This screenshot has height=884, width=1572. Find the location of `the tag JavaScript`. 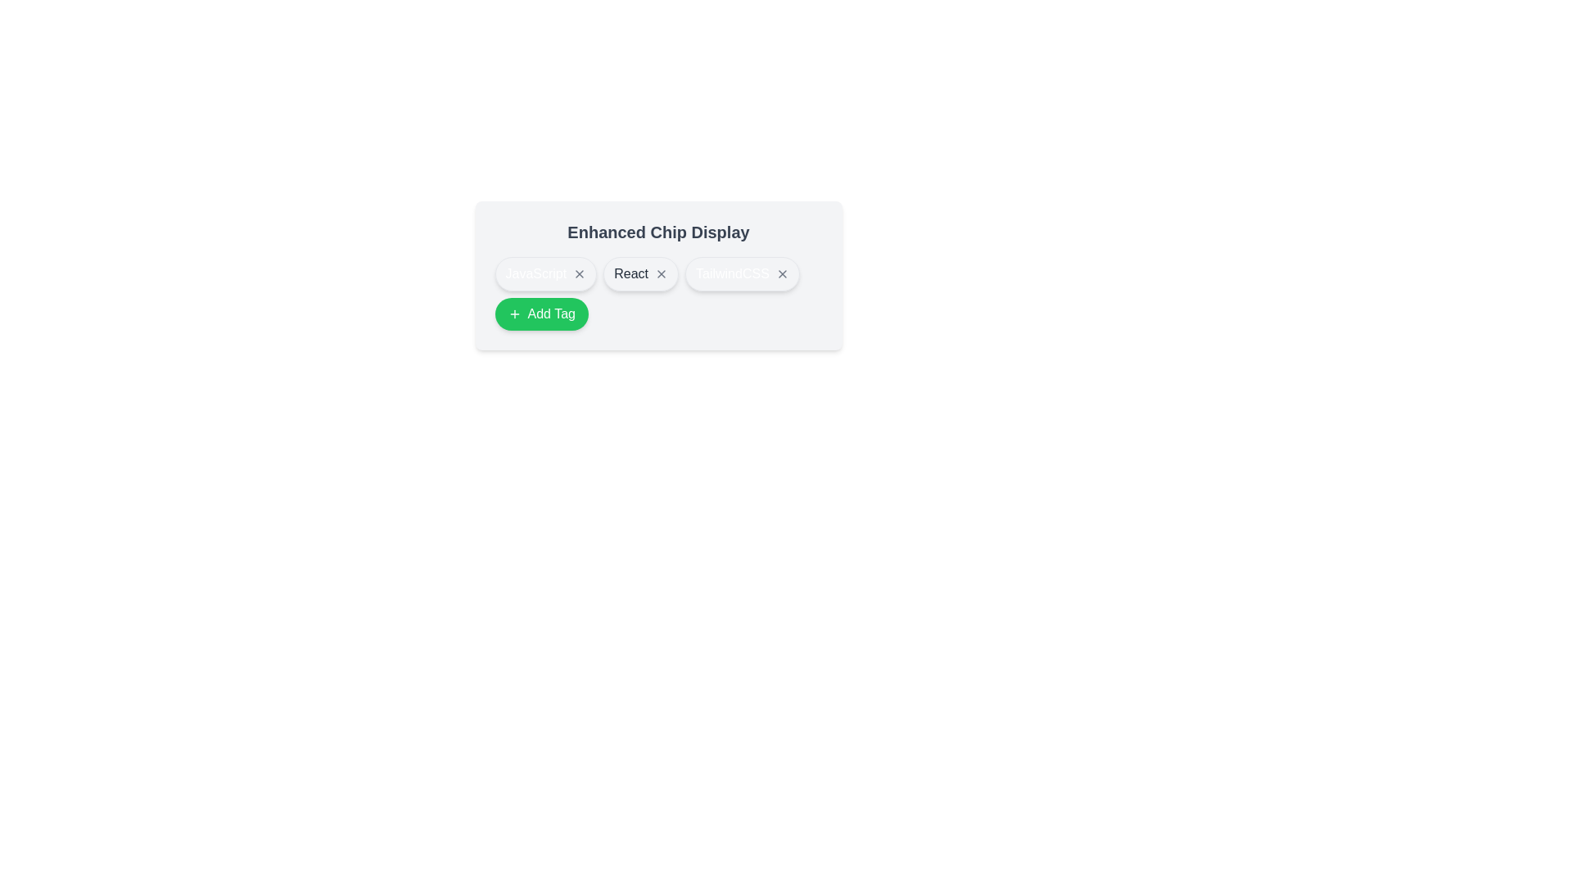

the tag JavaScript is located at coordinates (545, 273).